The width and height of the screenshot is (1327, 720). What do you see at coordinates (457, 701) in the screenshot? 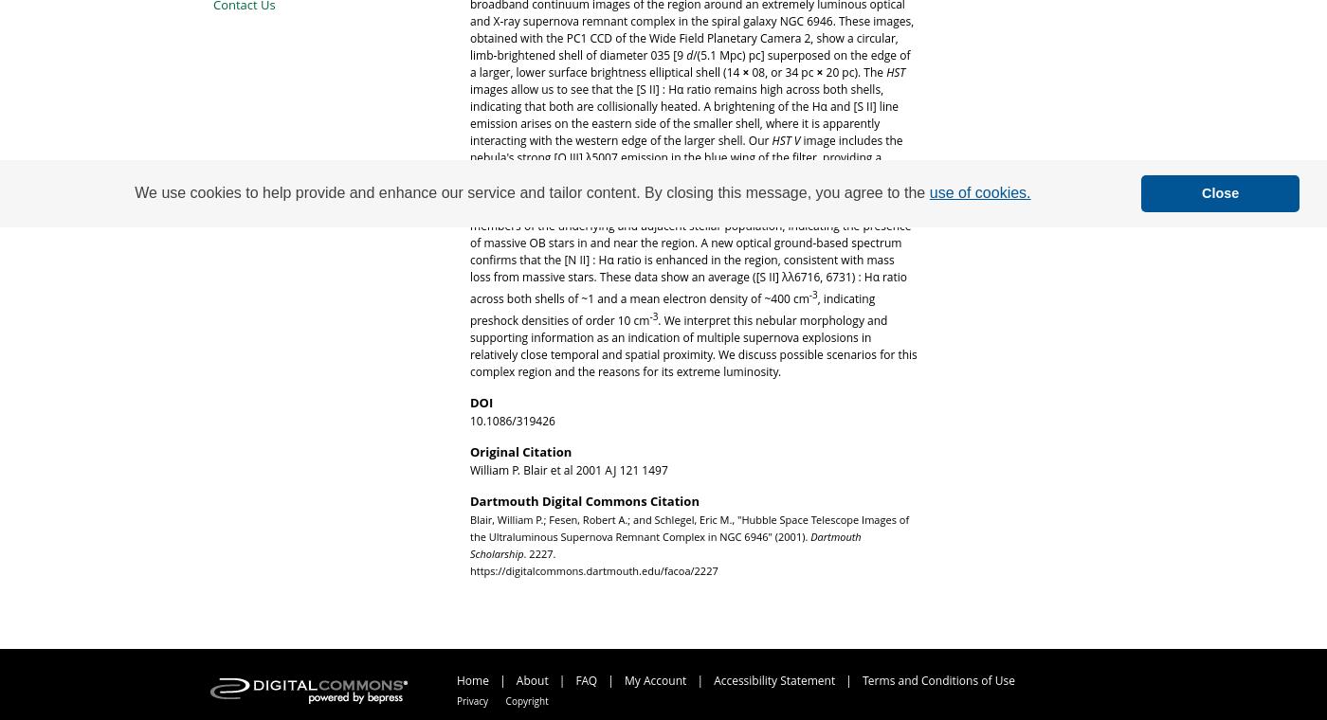
I see `'Privacy'` at bounding box center [457, 701].